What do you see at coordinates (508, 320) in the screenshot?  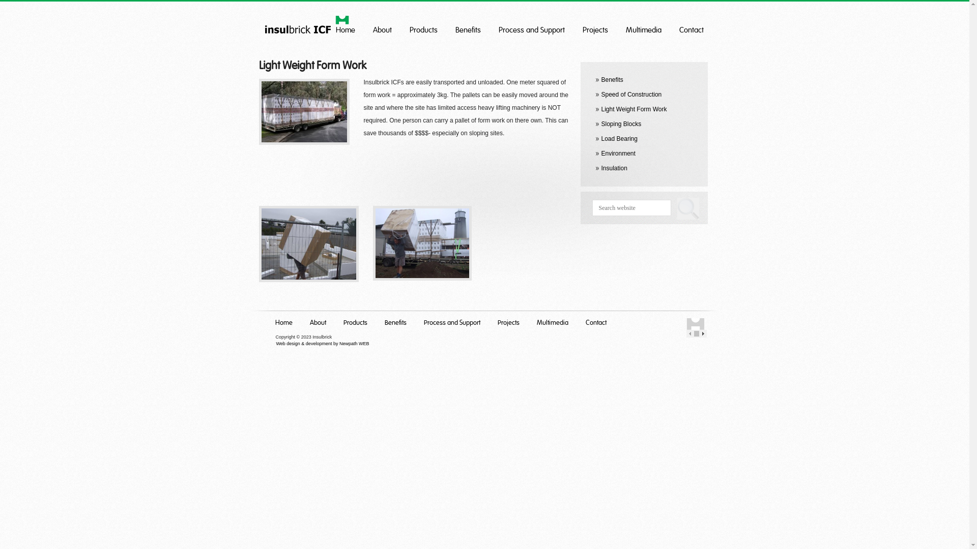 I see `'Projects'` at bounding box center [508, 320].